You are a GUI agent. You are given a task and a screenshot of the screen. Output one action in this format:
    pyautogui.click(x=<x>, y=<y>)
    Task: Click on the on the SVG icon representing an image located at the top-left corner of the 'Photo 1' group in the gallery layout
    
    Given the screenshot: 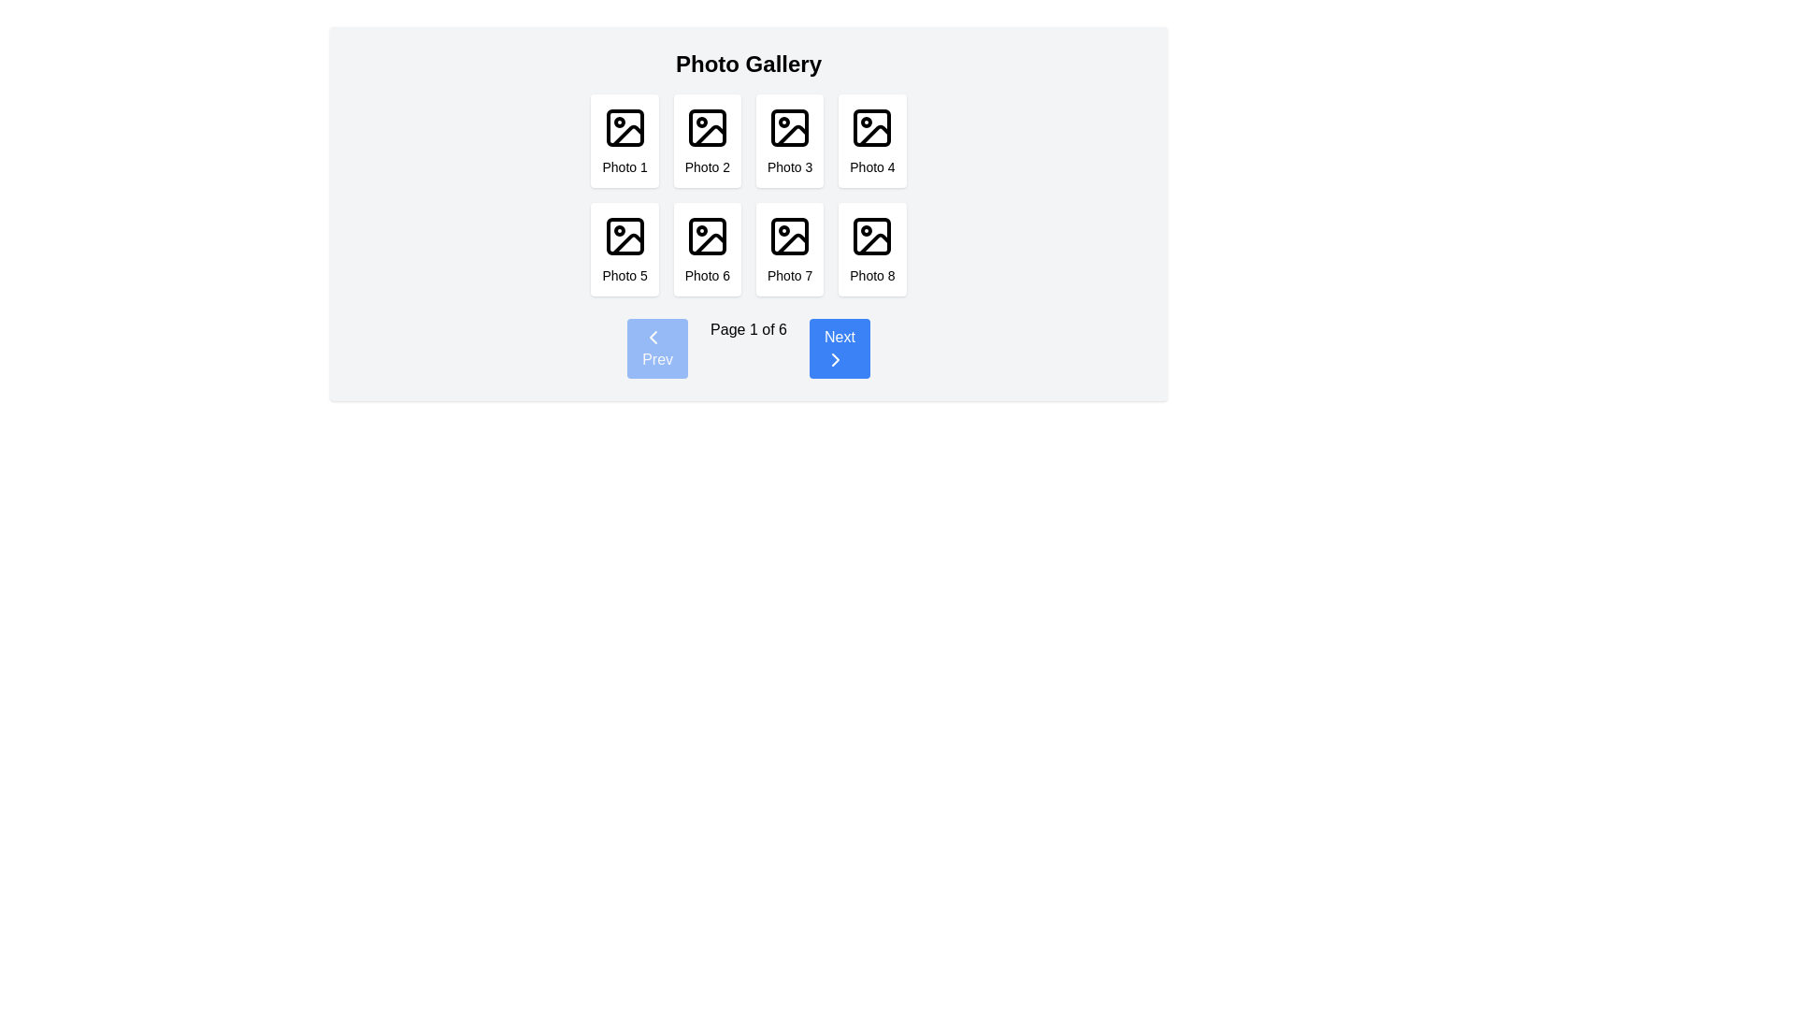 What is the action you would take?
    pyautogui.click(x=625, y=127)
    